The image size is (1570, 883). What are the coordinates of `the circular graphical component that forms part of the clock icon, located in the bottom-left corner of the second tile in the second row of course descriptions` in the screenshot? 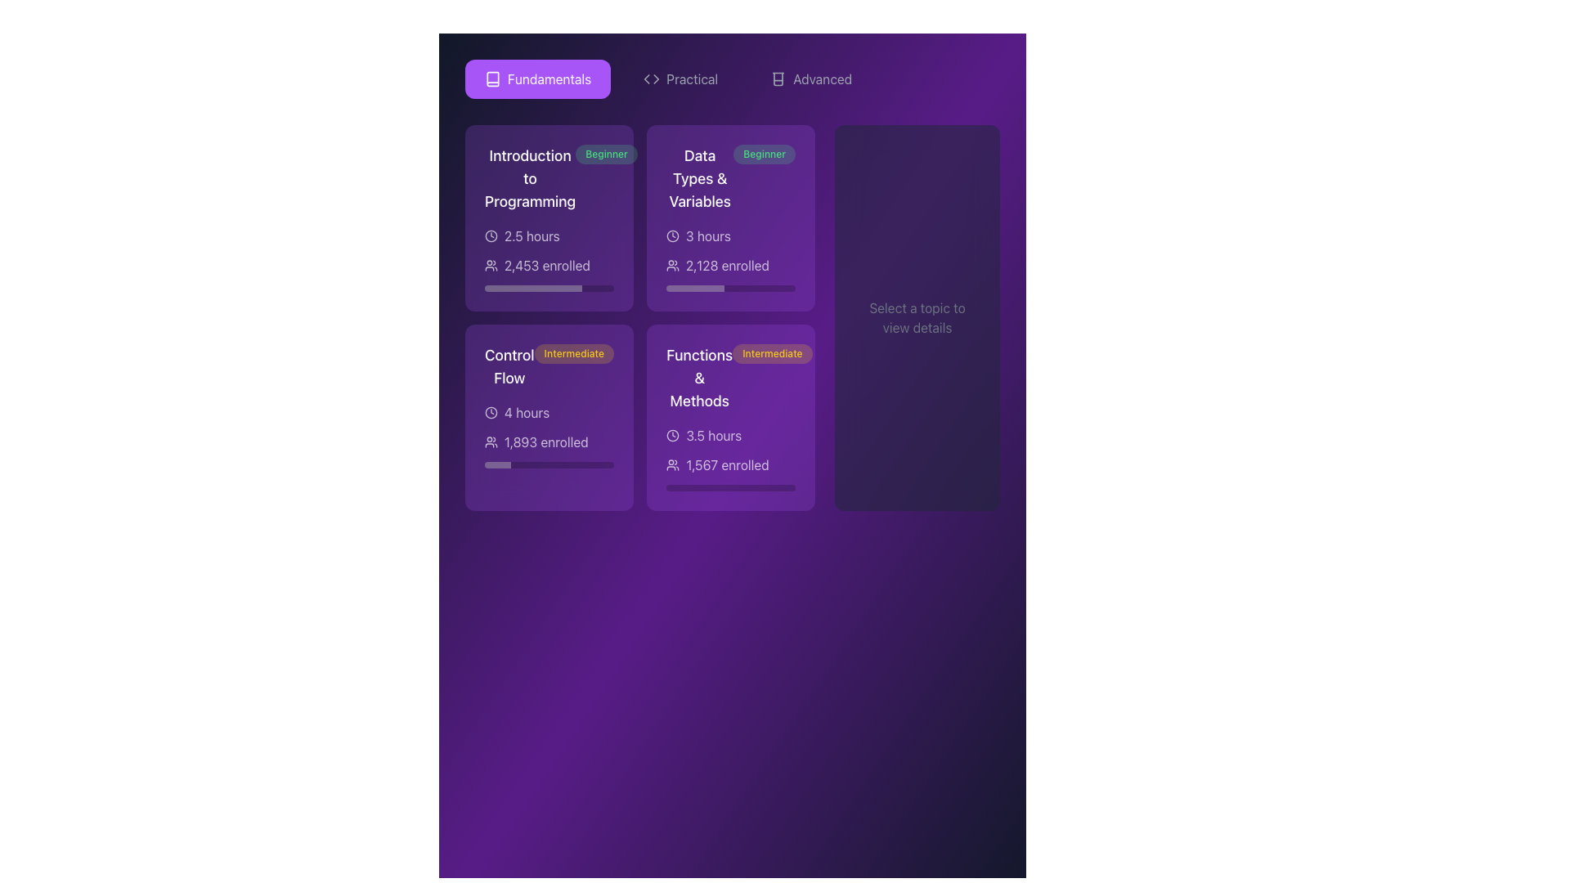 It's located at (490, 412).